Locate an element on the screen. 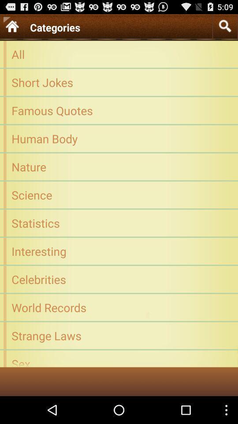  app above the strange laws icon is located at coordinates (119, 307).